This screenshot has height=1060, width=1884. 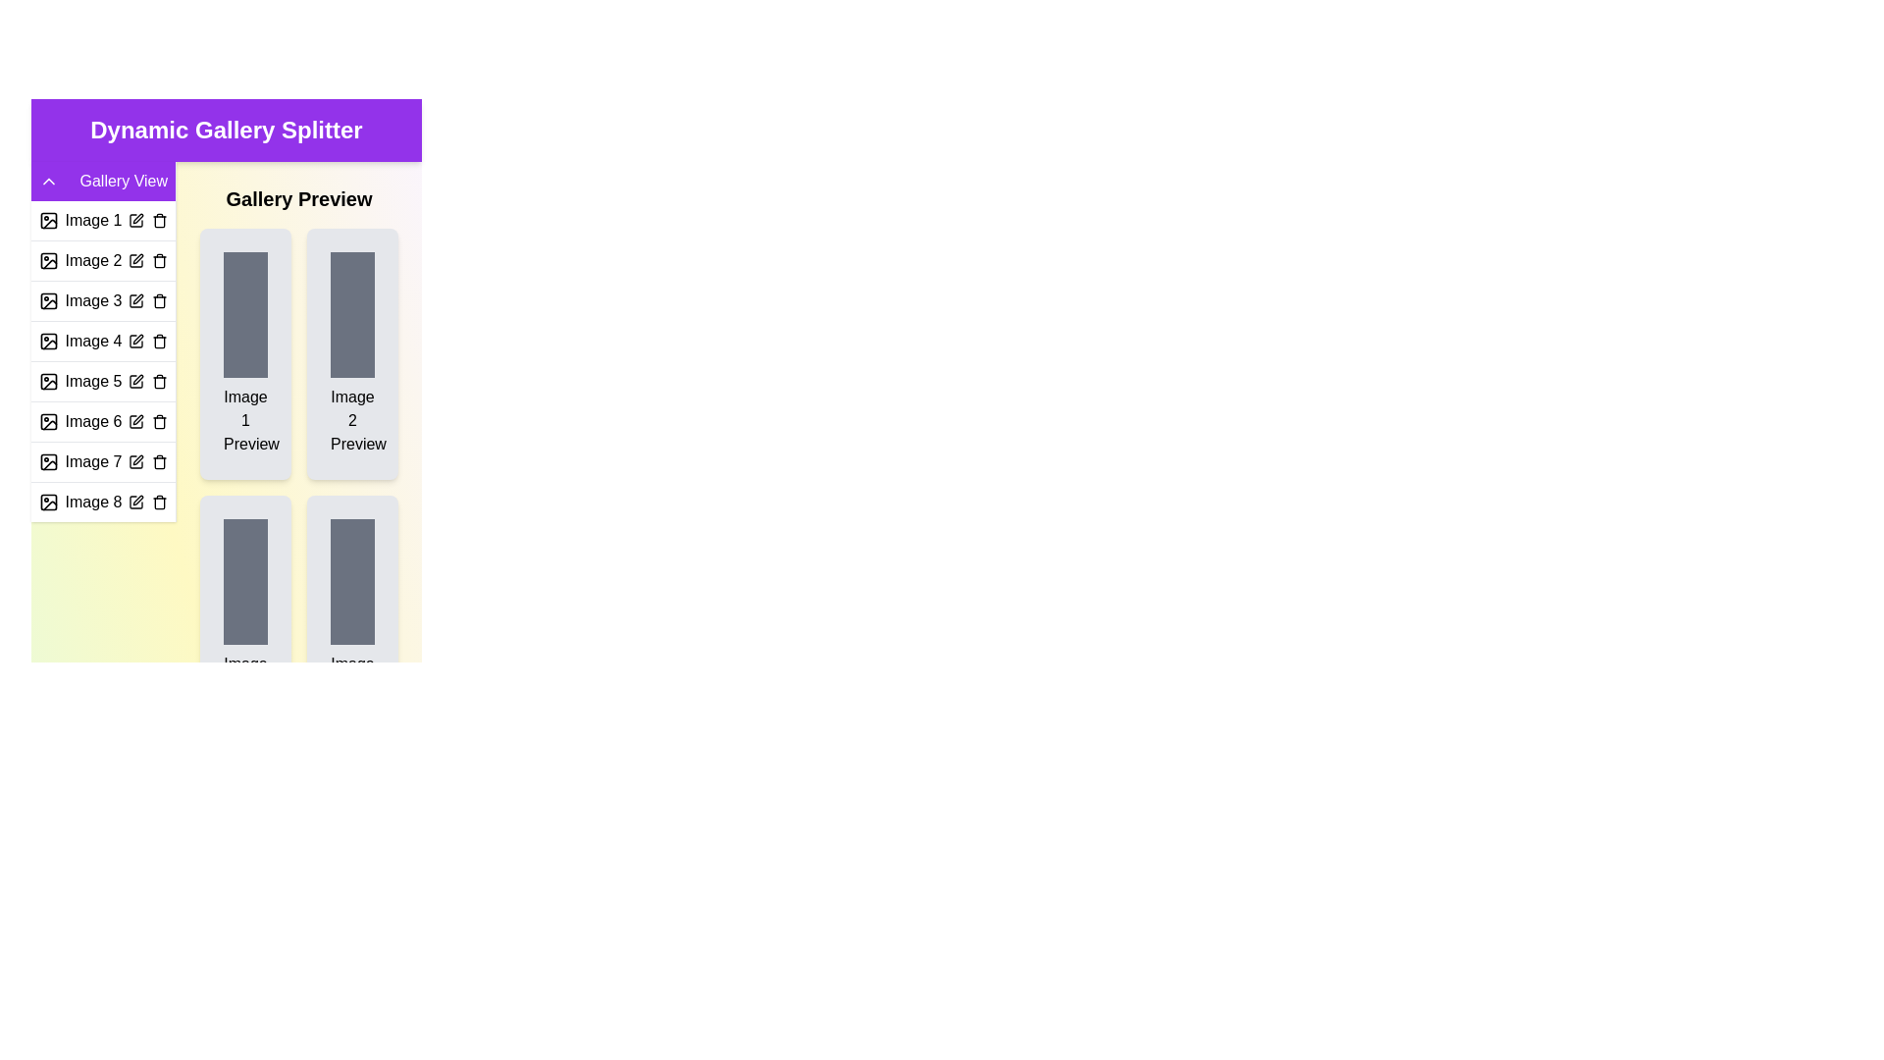 What do you see at coordinates (136, 419) in the screenshot?
I see `the edit icon button located next to the 'Image 6' label in the left sidebar to initiate the edit action` at bounding box center [136, 419].